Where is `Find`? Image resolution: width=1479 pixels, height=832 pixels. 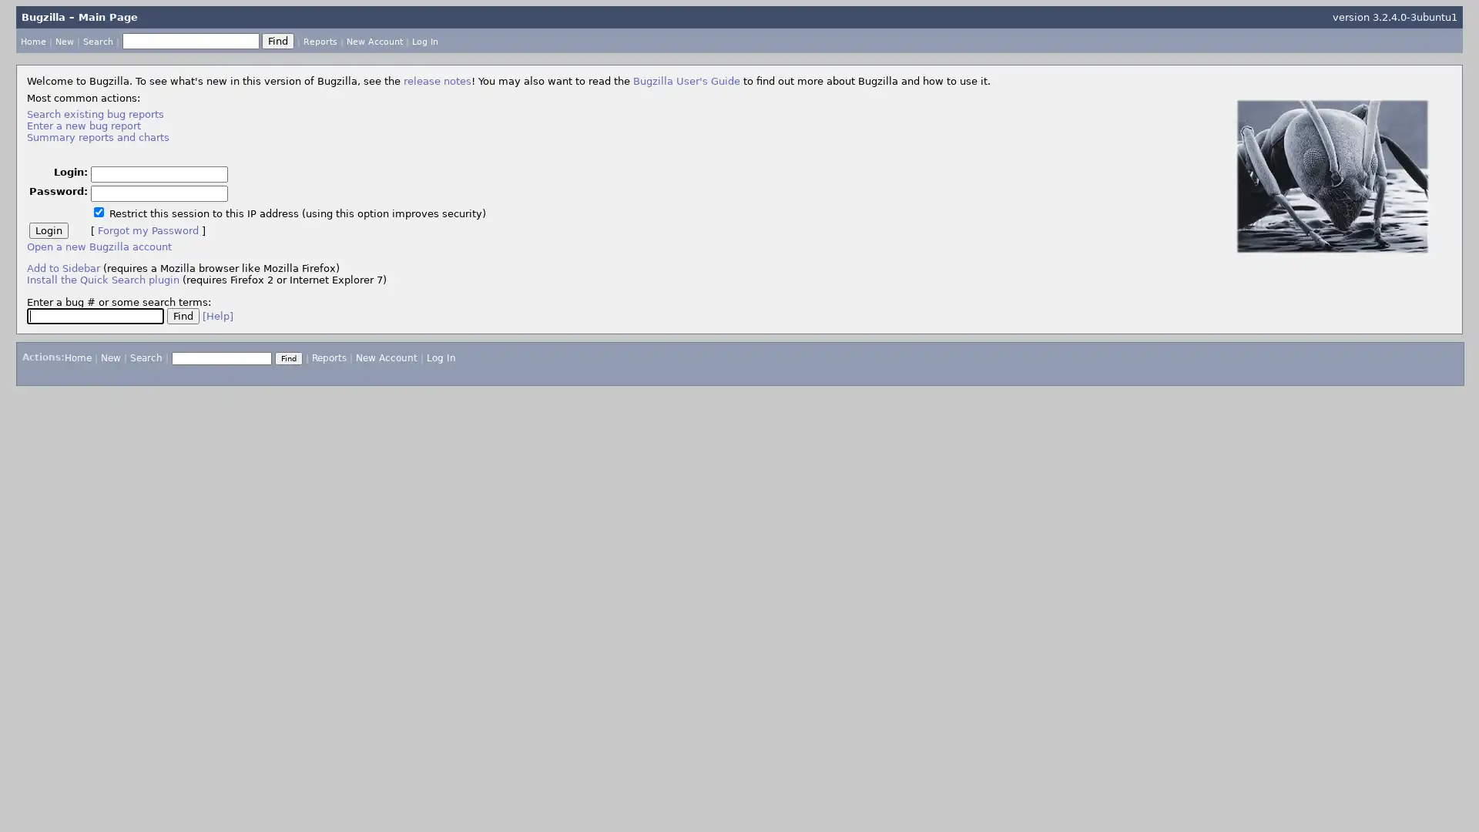 Find is located at coordinates (288, 357).